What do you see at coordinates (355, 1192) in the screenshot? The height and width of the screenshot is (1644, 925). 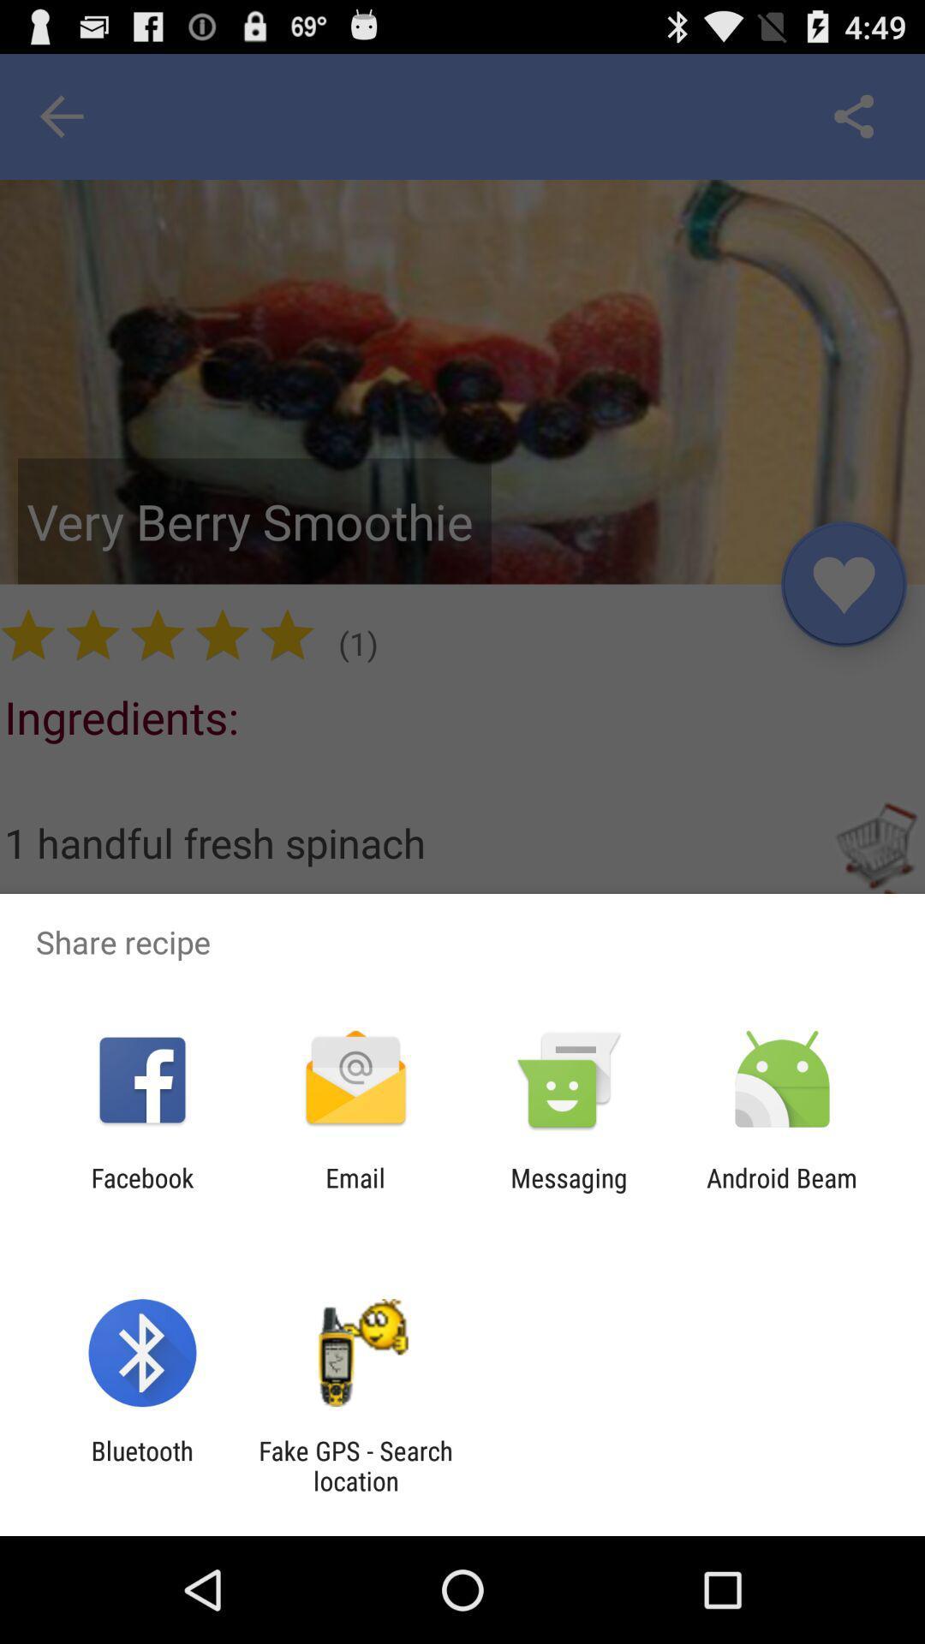 I see `item to the left of messaging app` at bounding box center [355, 1192].